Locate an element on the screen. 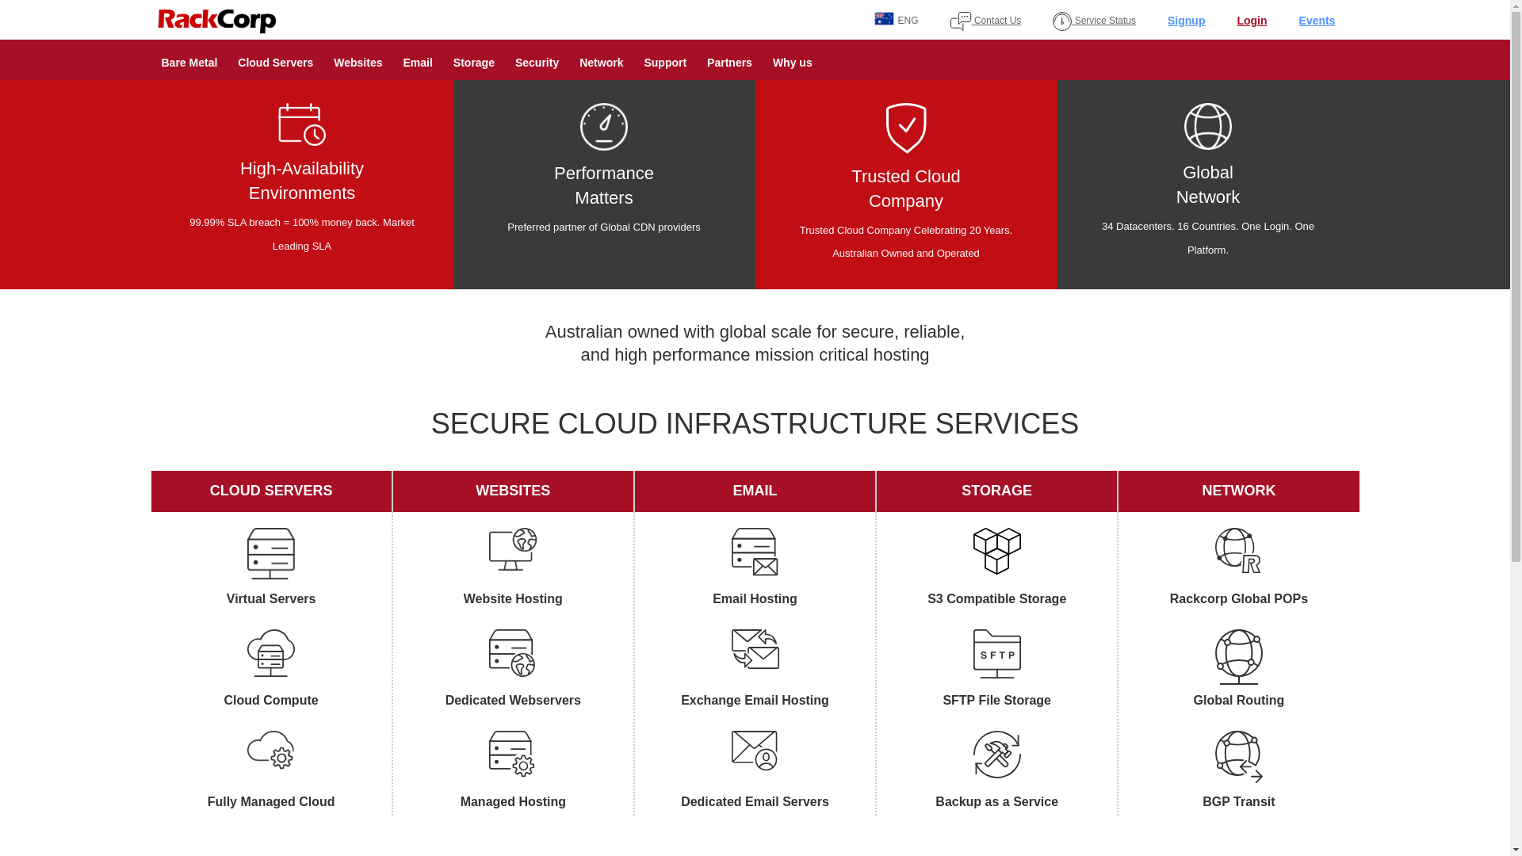 The image size is (1522, 856). 'BGP Transit' is located at coordinates (1237, 769).